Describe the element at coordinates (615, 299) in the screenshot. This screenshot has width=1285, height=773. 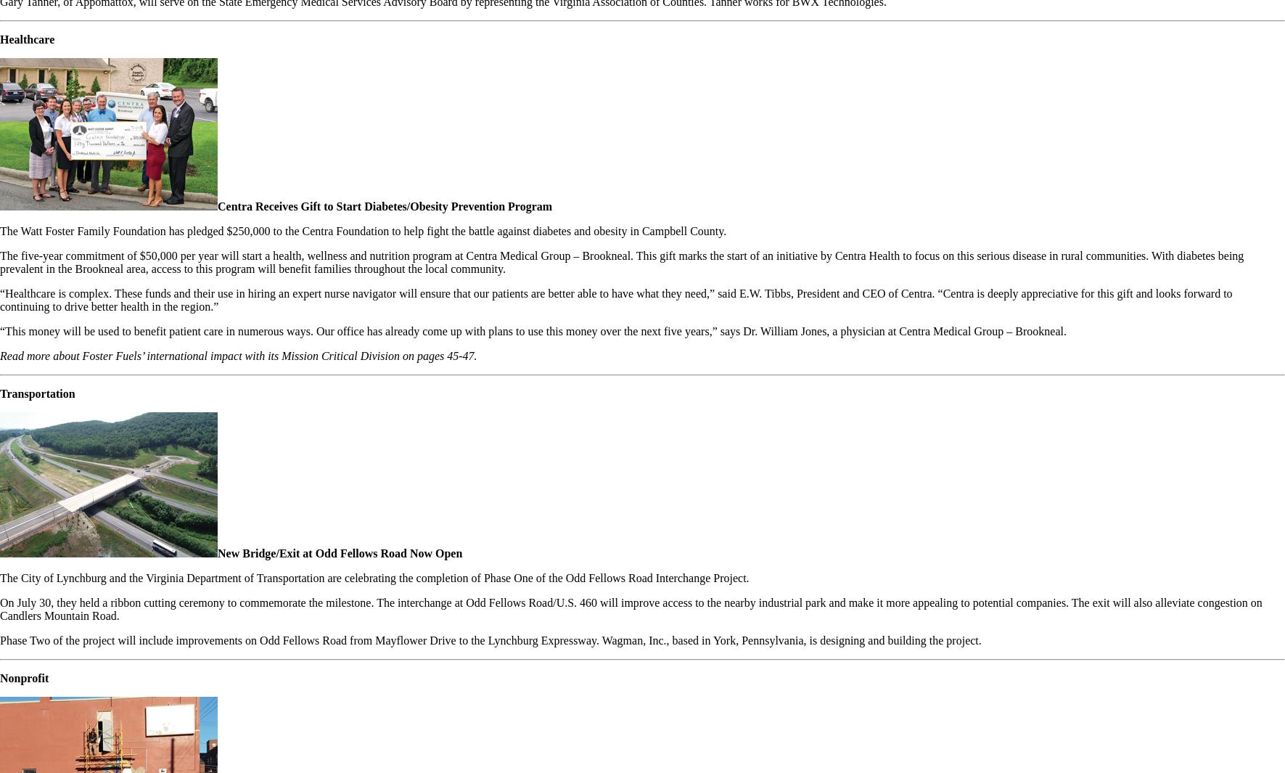
I see `'“Healthcare is complex. These funds and their use in hiring an expert nurse navigator will ensure that our patients are better able to have what they need,” said E.W. Tibbs, President and CEO of Centra. “Centra is deeply appreciative for this gift and looks forward to continuing to drive better health in the region.”'` at that location.